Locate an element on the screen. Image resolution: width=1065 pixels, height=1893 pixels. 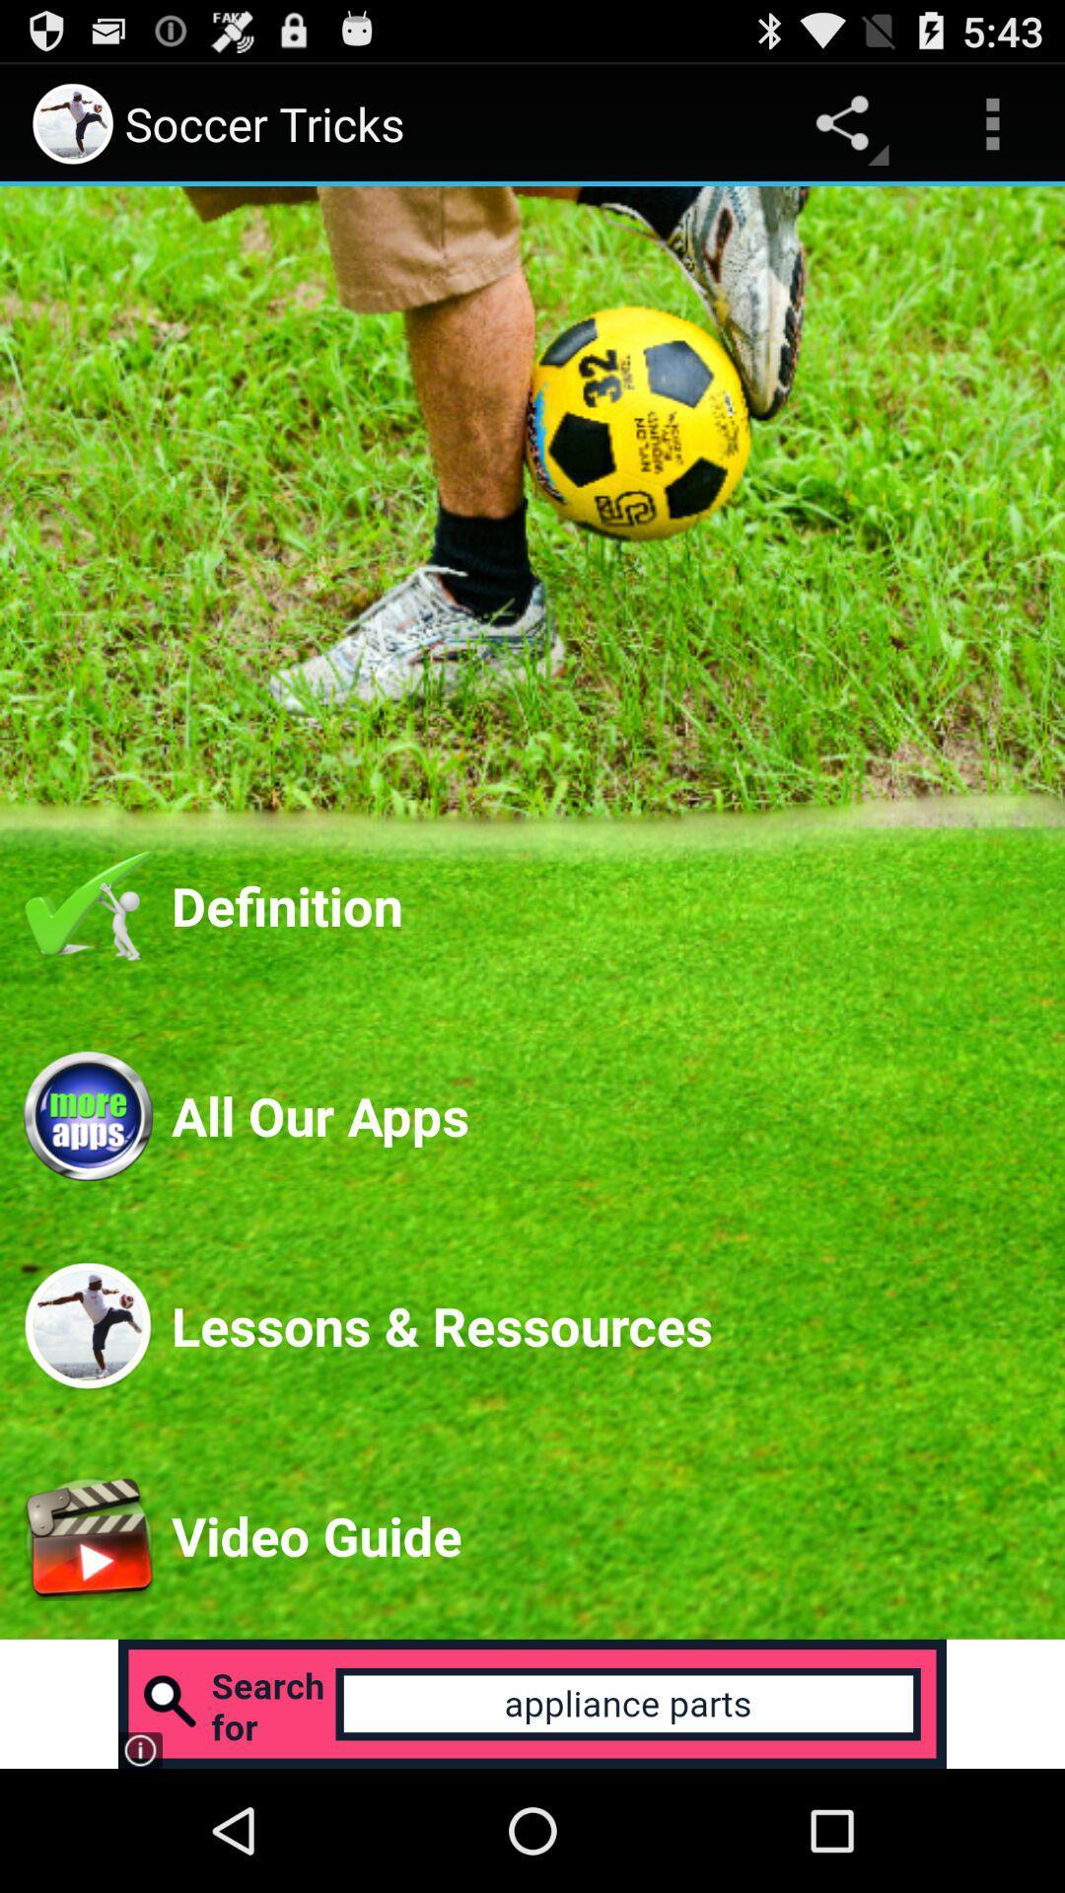
the icon below the definition app is located at coordinates (604, 1115).